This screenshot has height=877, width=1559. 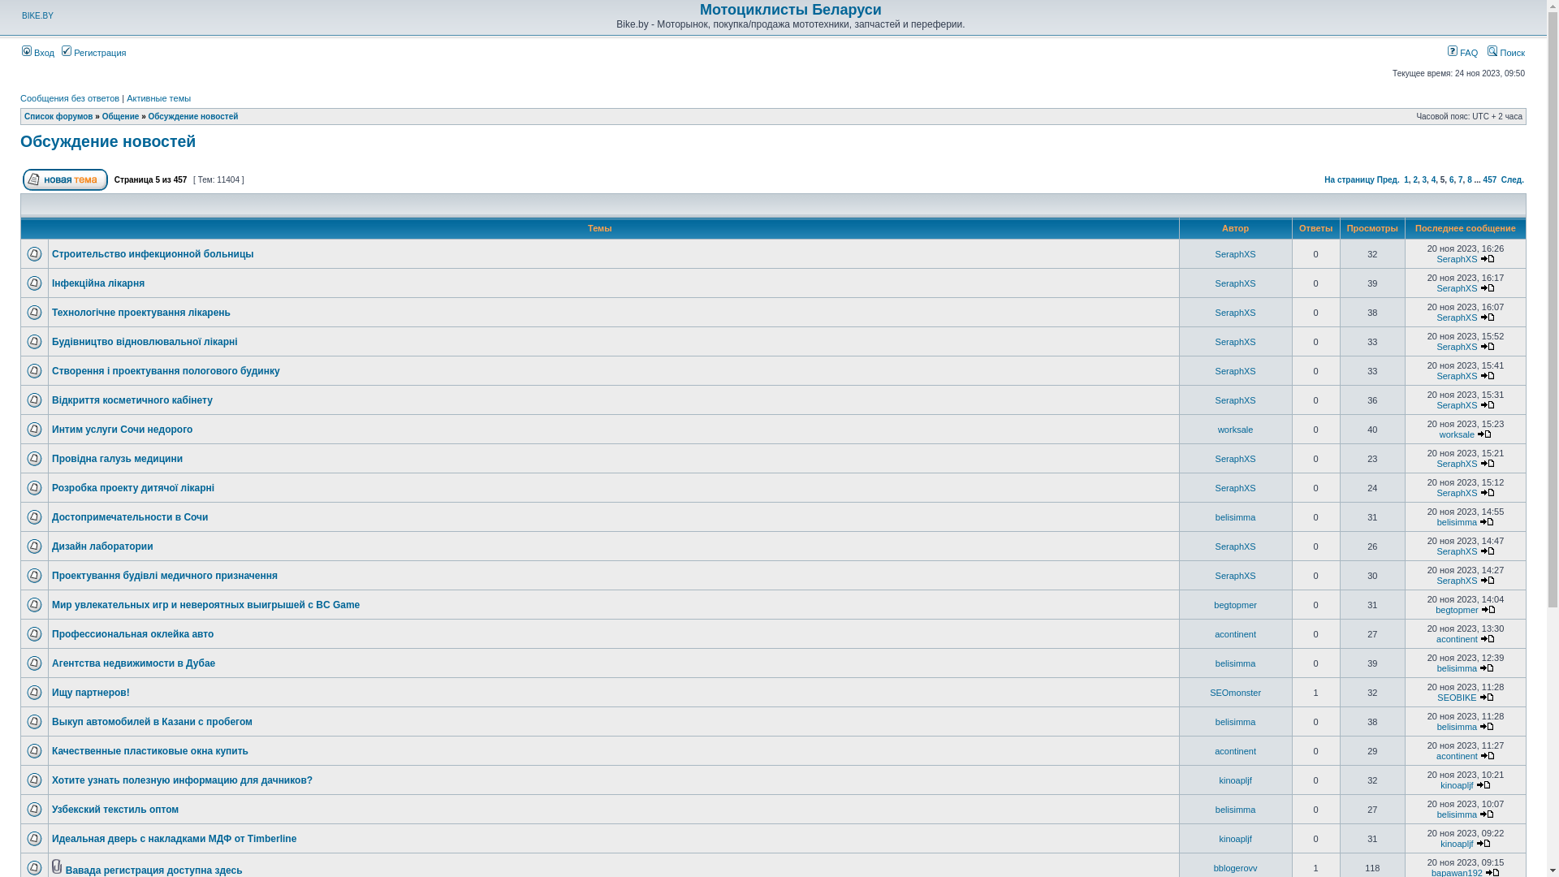 What do you see at coordinates (1234, 253) in the screenshot?
I see `'SeraphXS'` at bounding box center [1234, 253].